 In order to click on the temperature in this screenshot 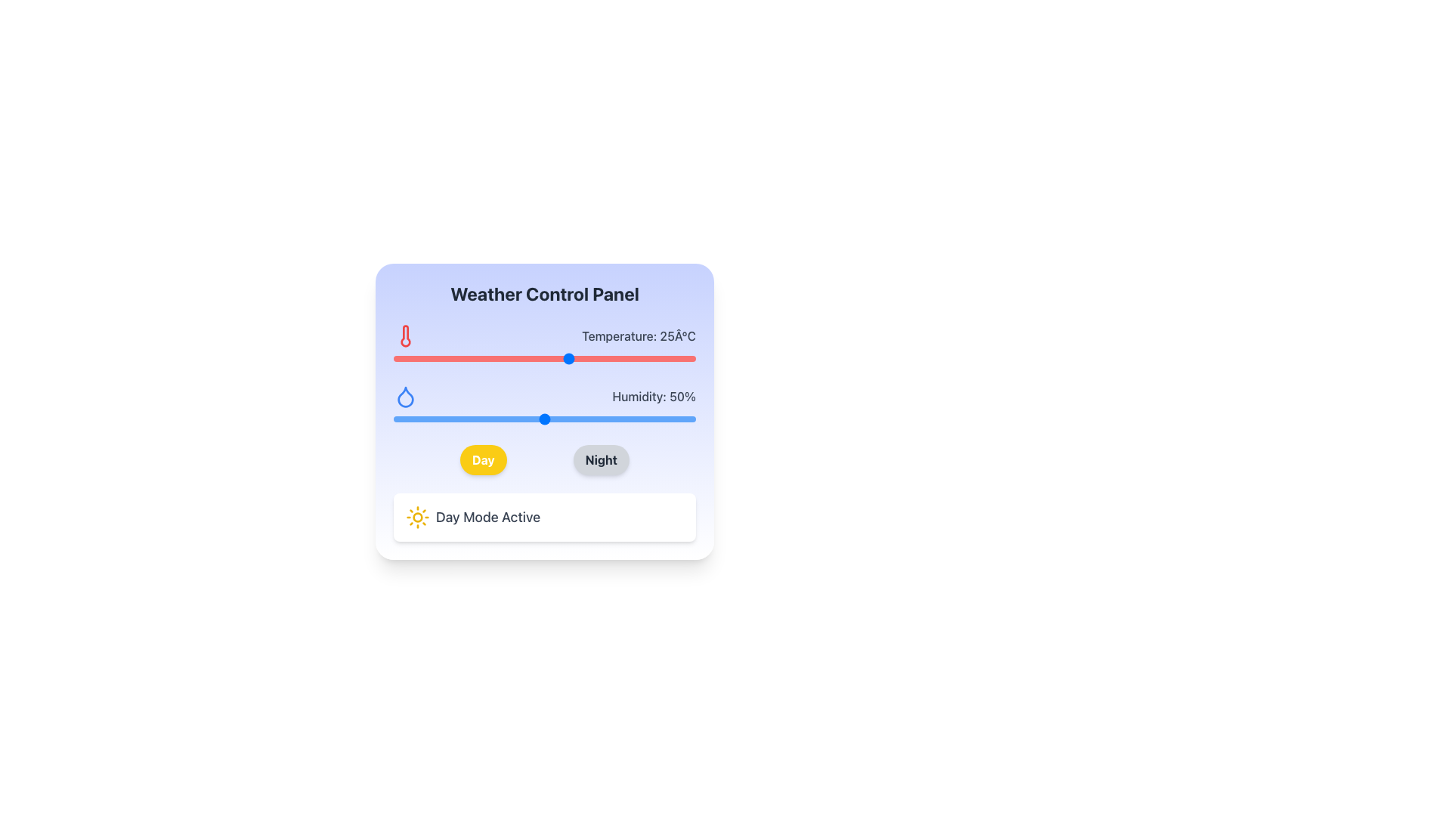, I will do `click(564, 358)`.